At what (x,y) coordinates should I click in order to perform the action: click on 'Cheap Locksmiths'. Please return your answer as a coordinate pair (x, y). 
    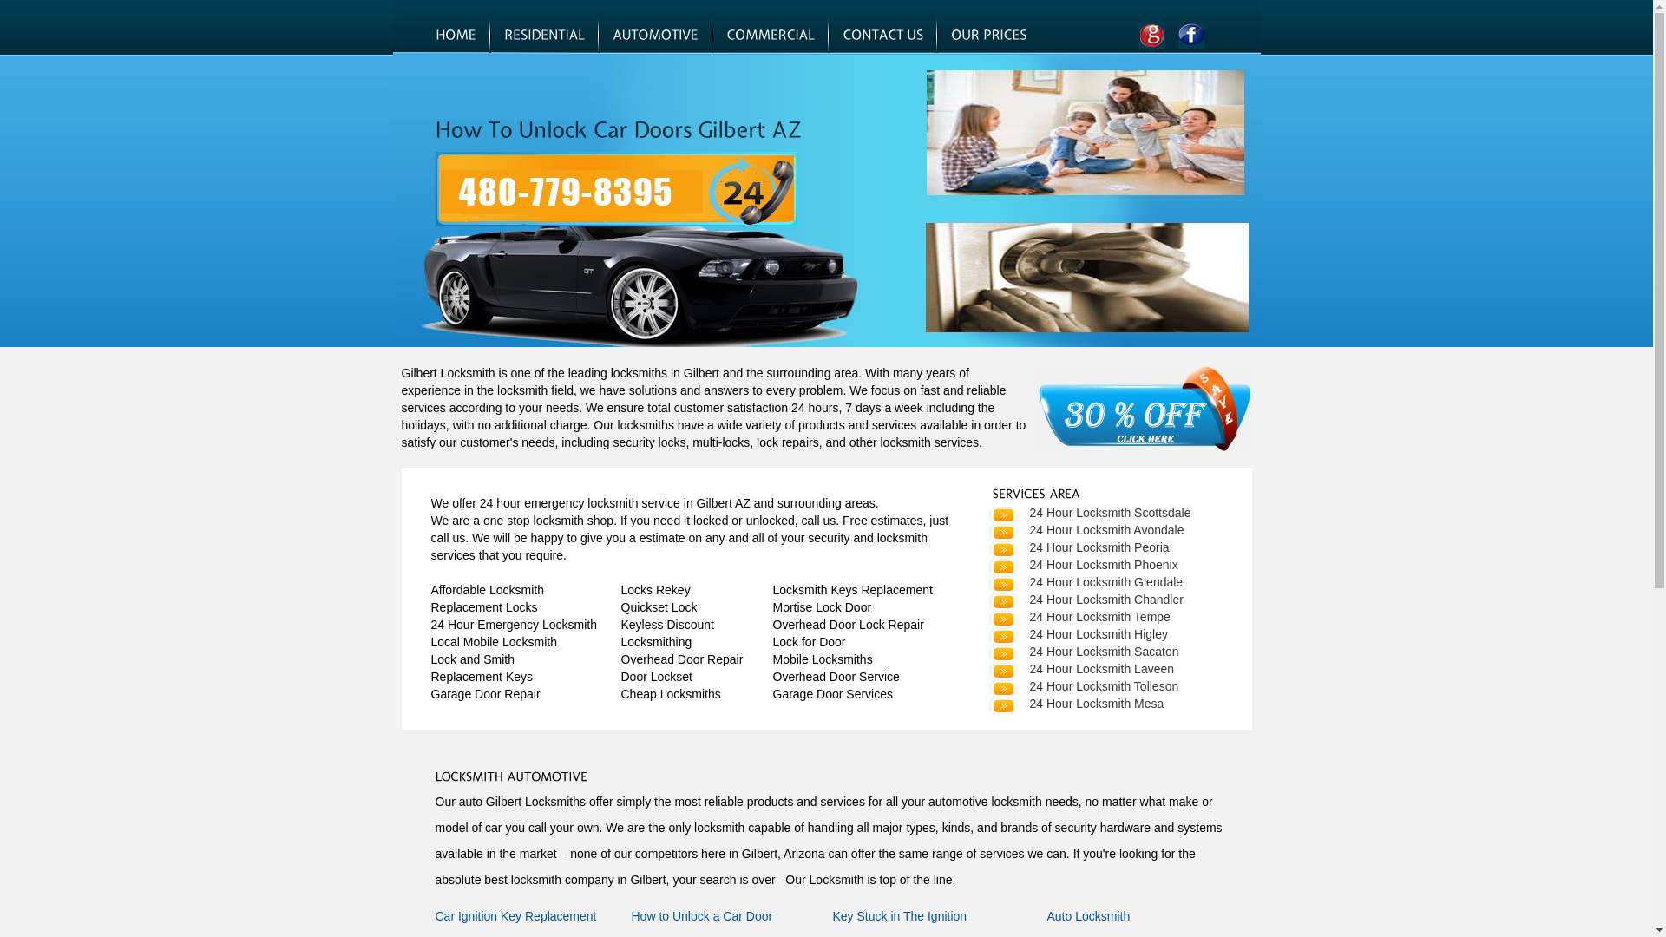
    Looking at the image, I should click on (670, 692).